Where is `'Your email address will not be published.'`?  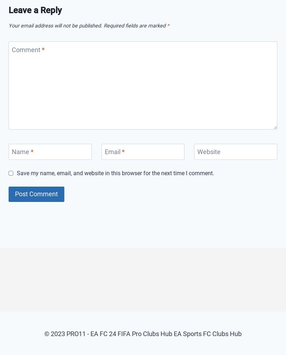 'Your email address will not be published.' is located at coordinates (55, 25).